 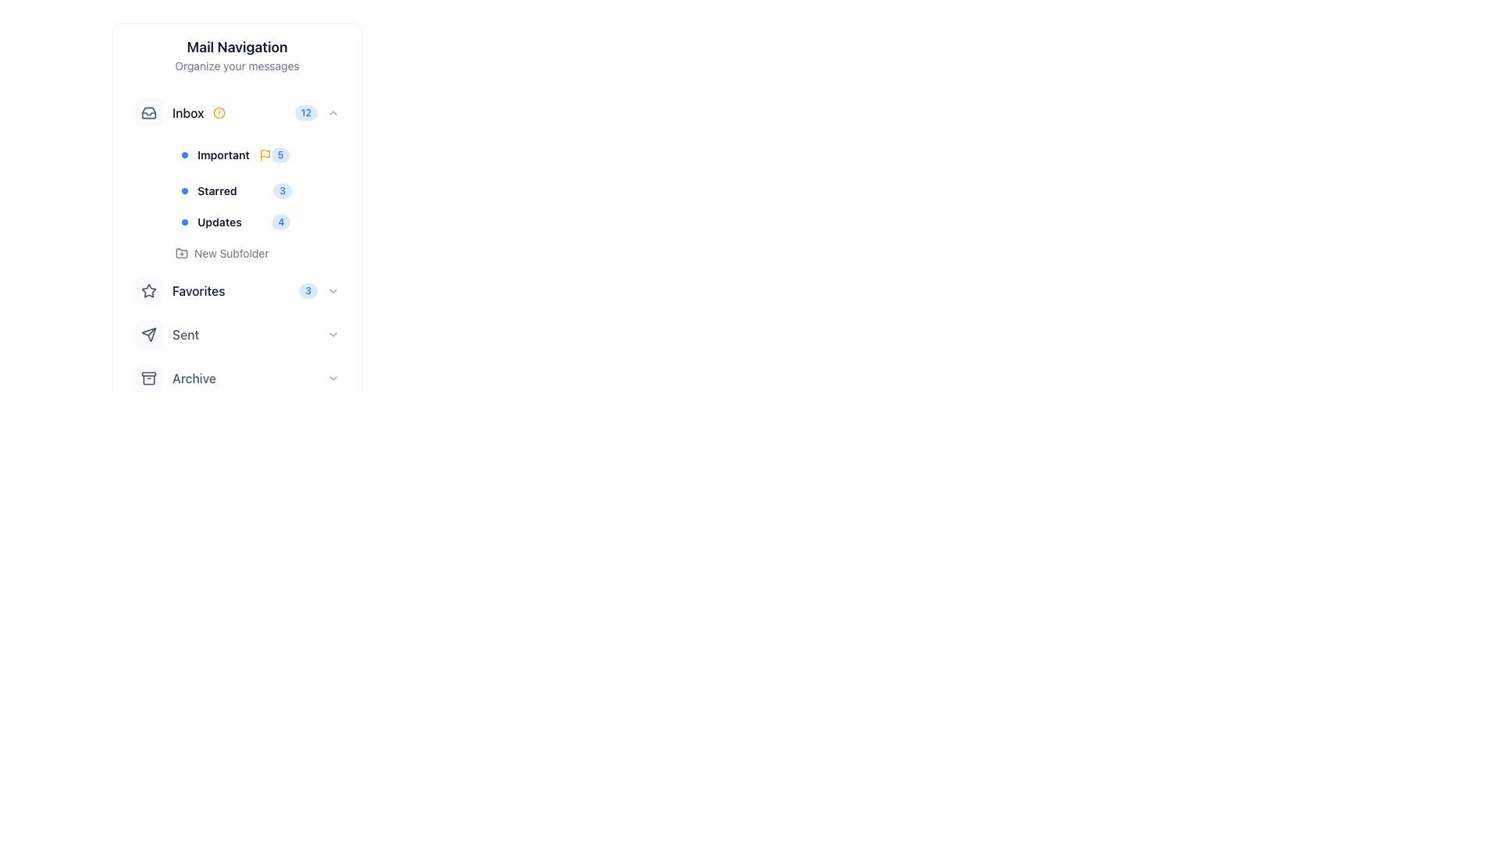 What do you see at coordinates (180, 112) in the screenshot?
I see `the 'Inbox' label in the sidebar navigation, which is styled with a medium-weight font and dark gray color, positioned adjacent to an envelope icon and an exclamation mark icon` at bounding box center [180, 112].